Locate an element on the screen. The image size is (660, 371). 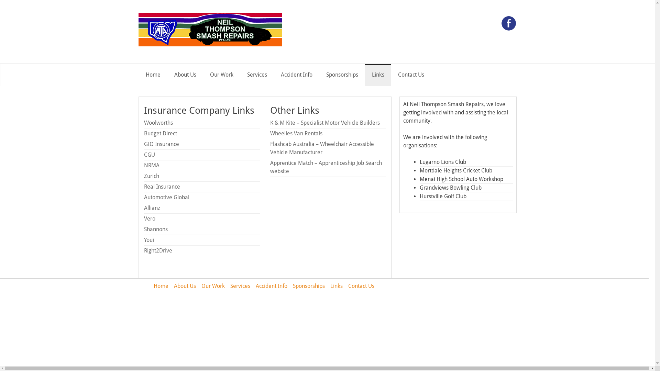
'Sponsorships' is located at coordinates (308, 286).